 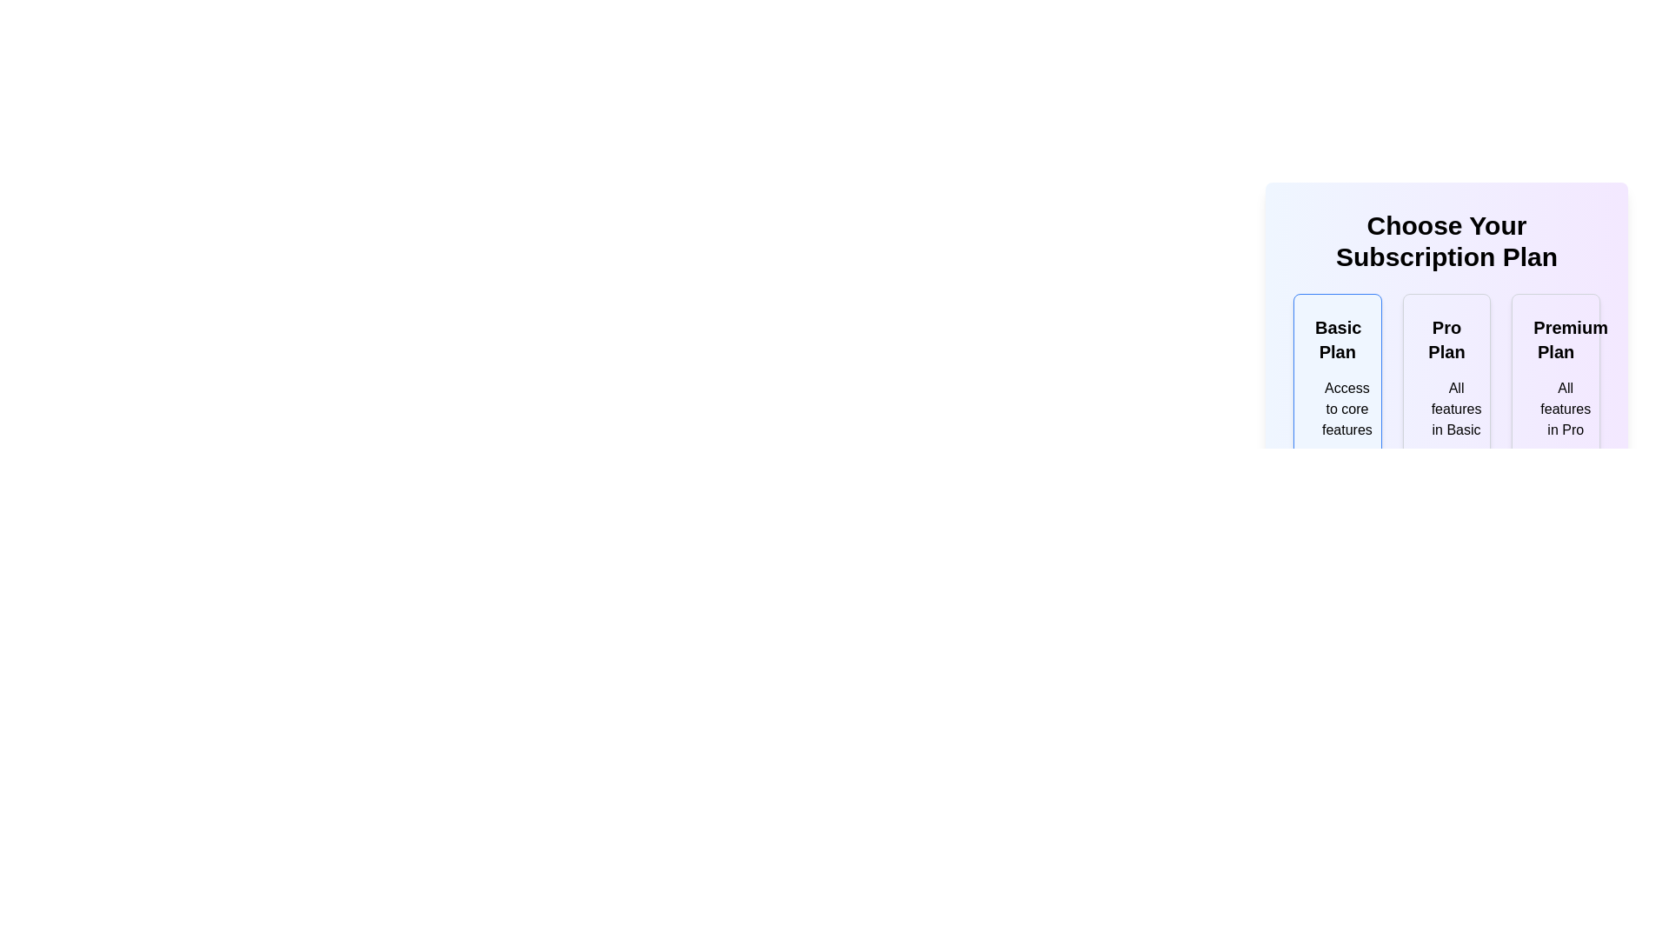 I want to click on the 'Premium Plan' informational card, which is the third card in the subscription plan layout, so click(x=1556, y=455).